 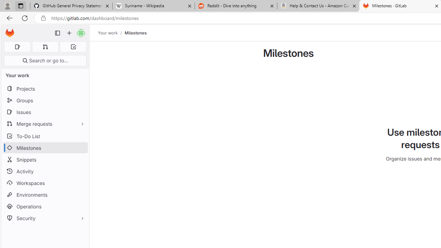 I want to click on 'Groups', so click(x=45, y=100).